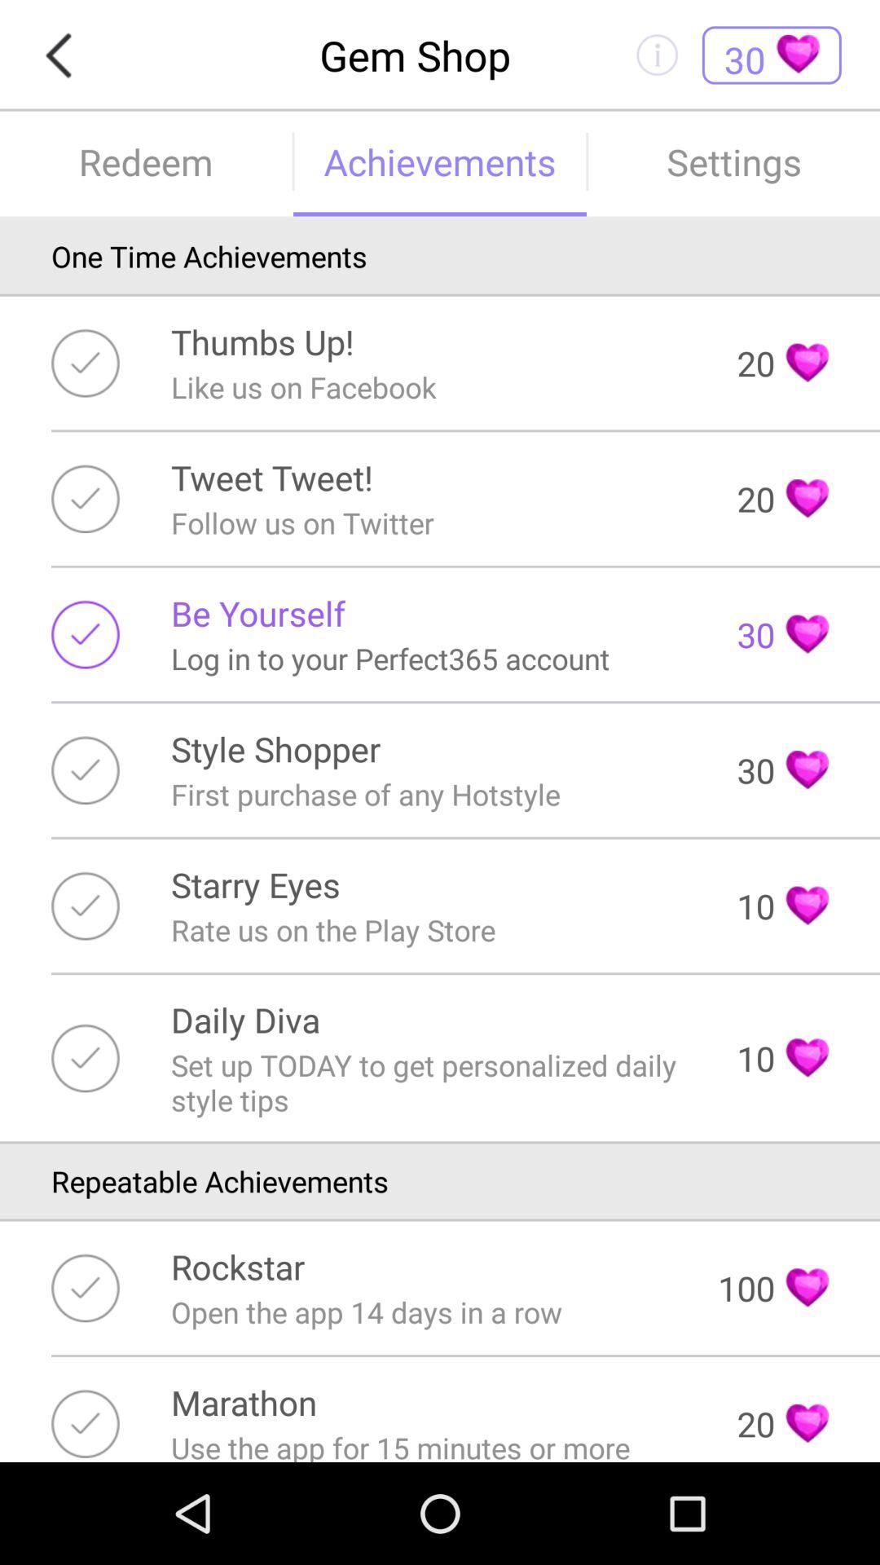  What do you see at coordinates (271, 476) in the screenshot?
I see `the icon next to 20 item` at bounding box center [271, 476].